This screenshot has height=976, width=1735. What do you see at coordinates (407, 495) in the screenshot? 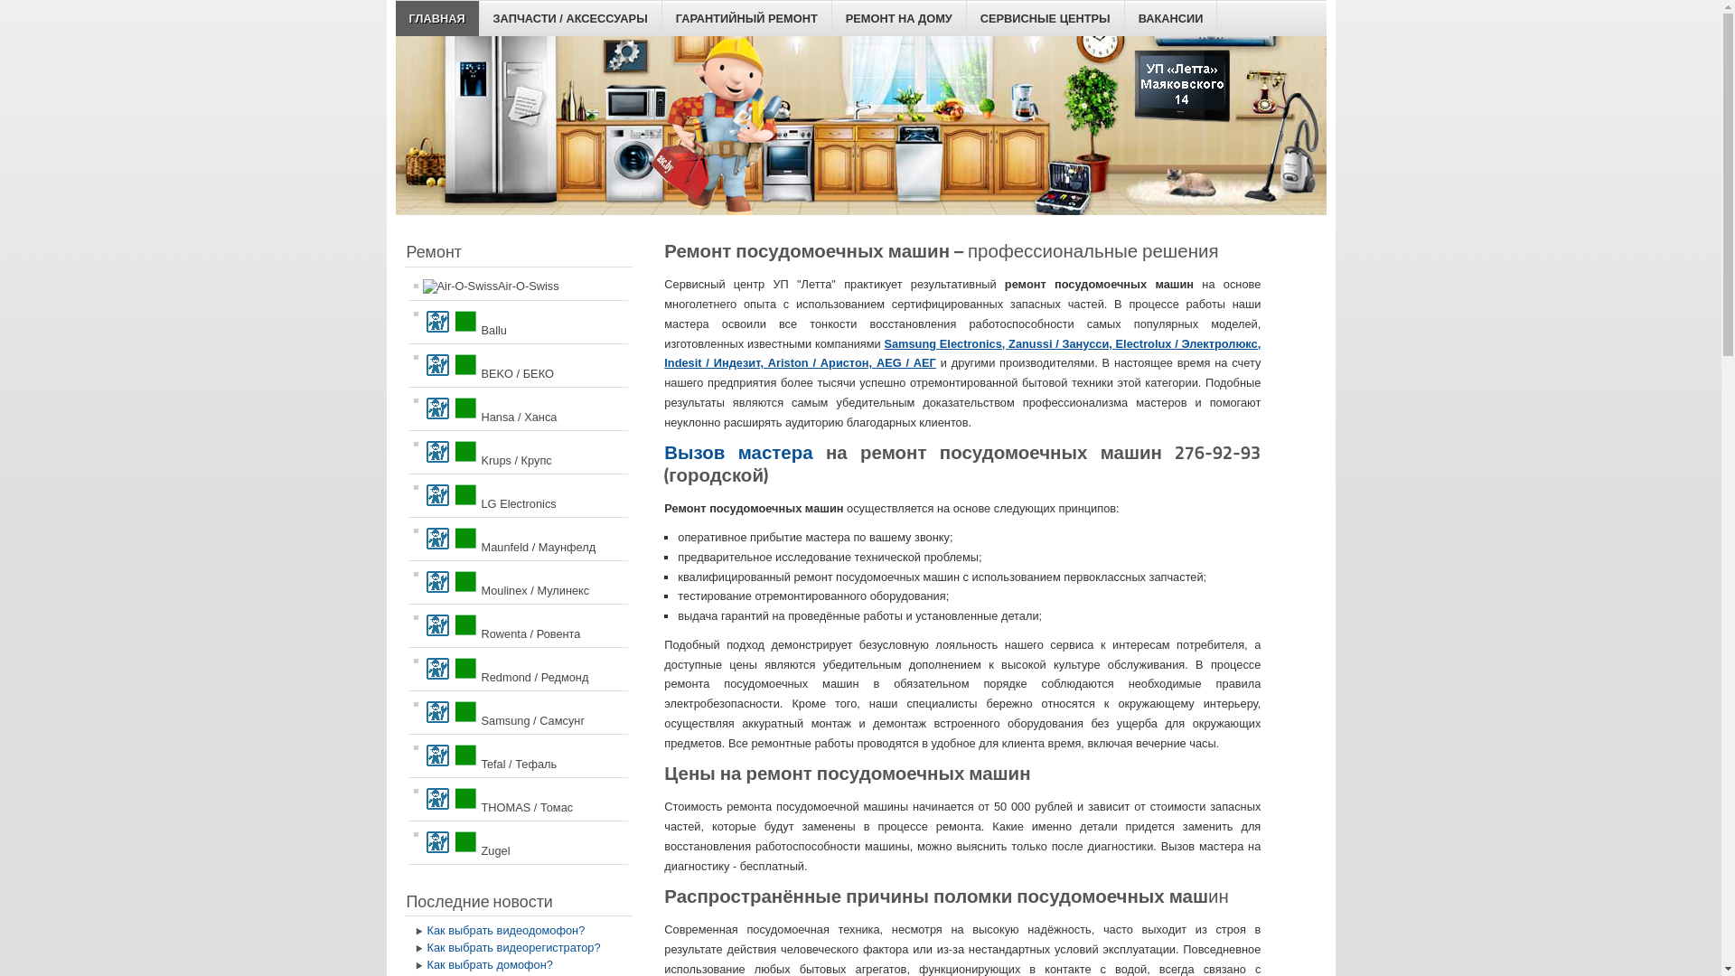
I see `'LG Electronics'` at bounding box center [407, 495].